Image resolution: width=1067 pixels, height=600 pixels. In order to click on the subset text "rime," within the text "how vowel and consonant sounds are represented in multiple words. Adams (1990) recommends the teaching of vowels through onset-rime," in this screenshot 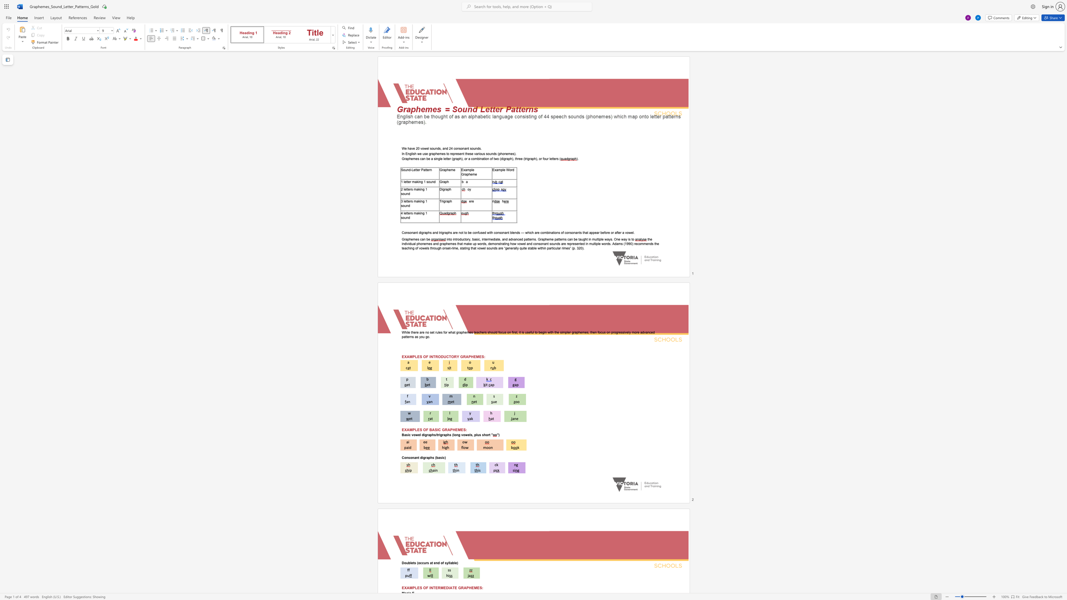, I will do `click(451, 248)`.